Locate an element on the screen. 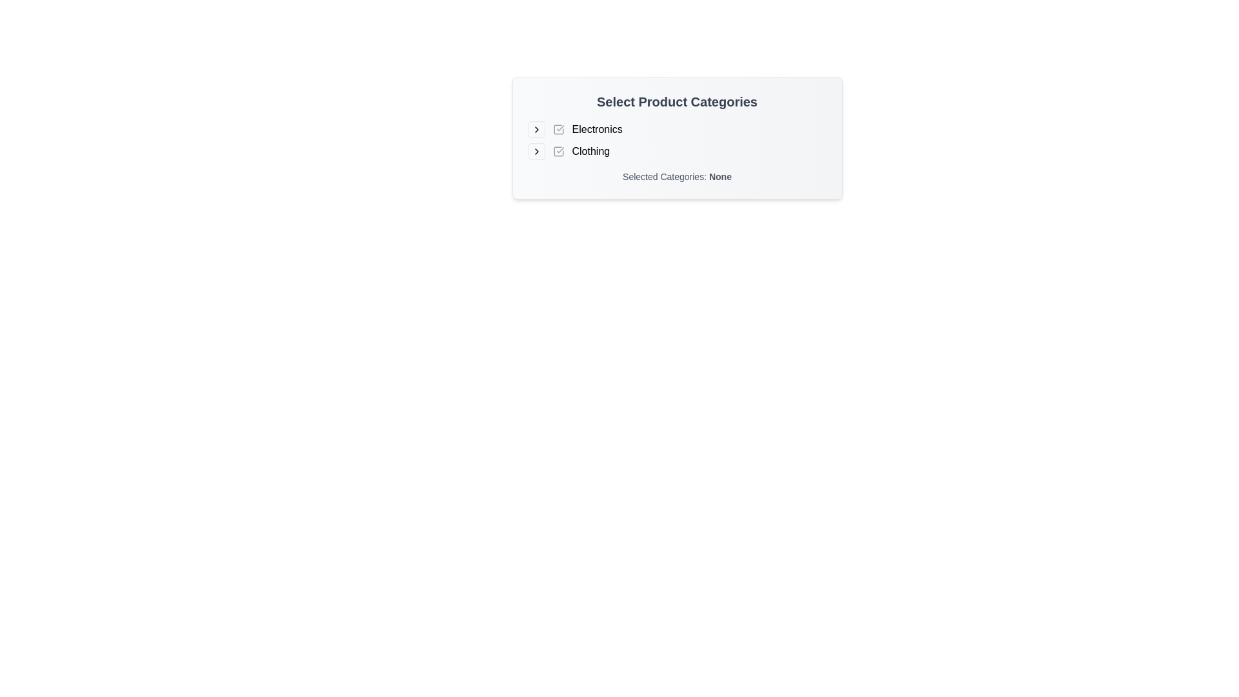 The width and height of the screenshot is (1239, 697). the rightward-pointing chevron icon within the button is located at coordinates (536, 151).